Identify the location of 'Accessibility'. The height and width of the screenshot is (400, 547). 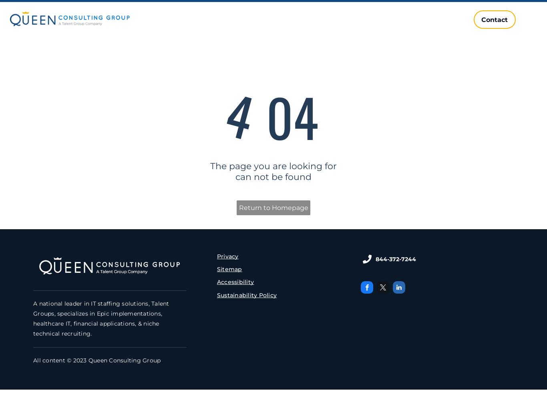
(235, 282).